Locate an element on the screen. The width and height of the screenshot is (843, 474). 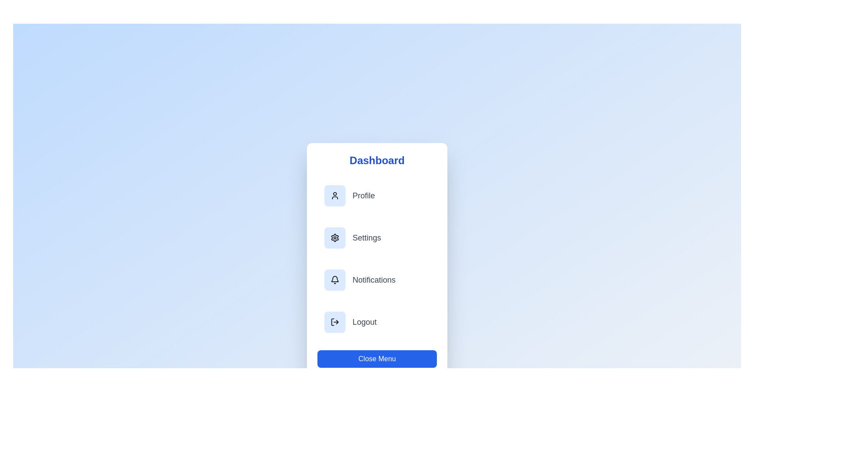
the menu item Notifications to observe visual feedback is located at coordinates (377, 280).